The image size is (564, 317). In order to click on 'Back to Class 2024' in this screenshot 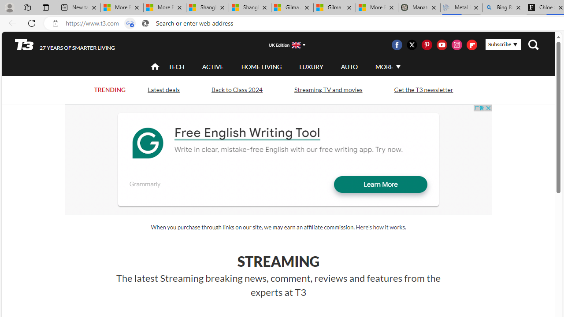, I will do `click(237, 89)`.